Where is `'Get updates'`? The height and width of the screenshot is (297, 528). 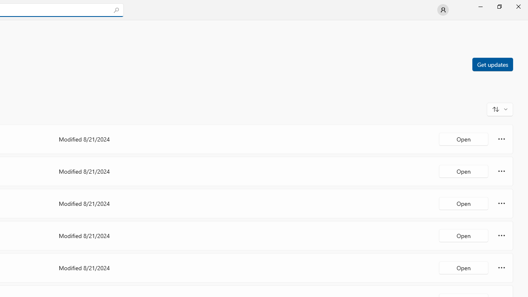 'Get updates' is located at coordinates (492, 64).